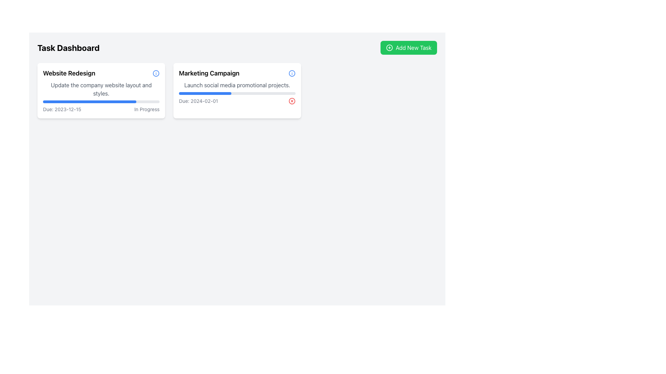 The height and width of the screenshot is (374, 666). What do you see at coordinates (409, 47) in the screenshot?
I see `the 'Create New Task' button located in the top-right corner of the 'Task Dashboard'` at bounding box center [409, 47].